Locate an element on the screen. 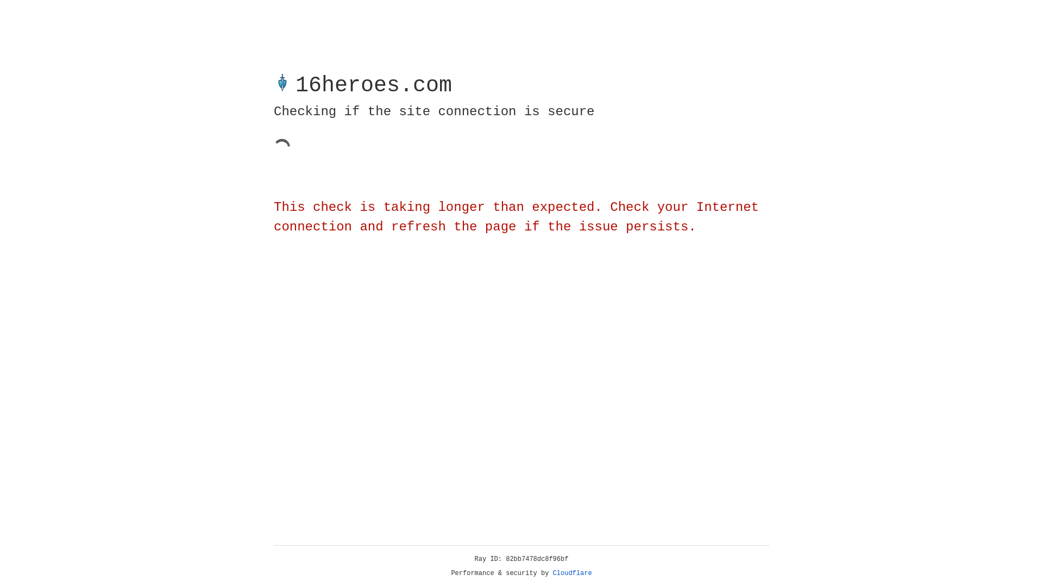 The width and height of the screenshot is (1043, 587). 'Cloudflare' is located at coordinates (572, 573).